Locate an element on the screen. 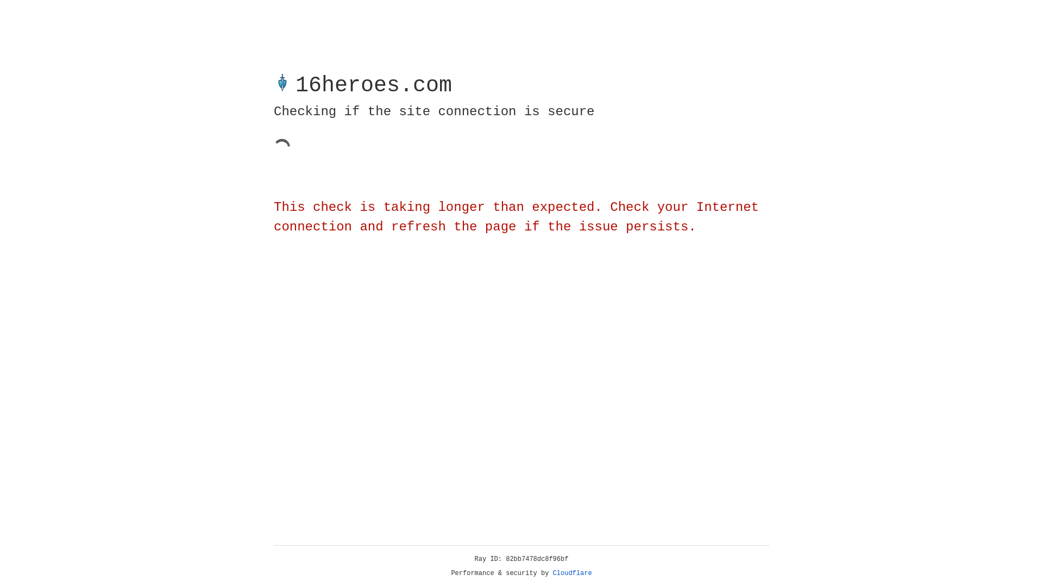 The width and height of the screenshot is (1043, 587). 'Cloudflare' is located at coordinates (572, 573).